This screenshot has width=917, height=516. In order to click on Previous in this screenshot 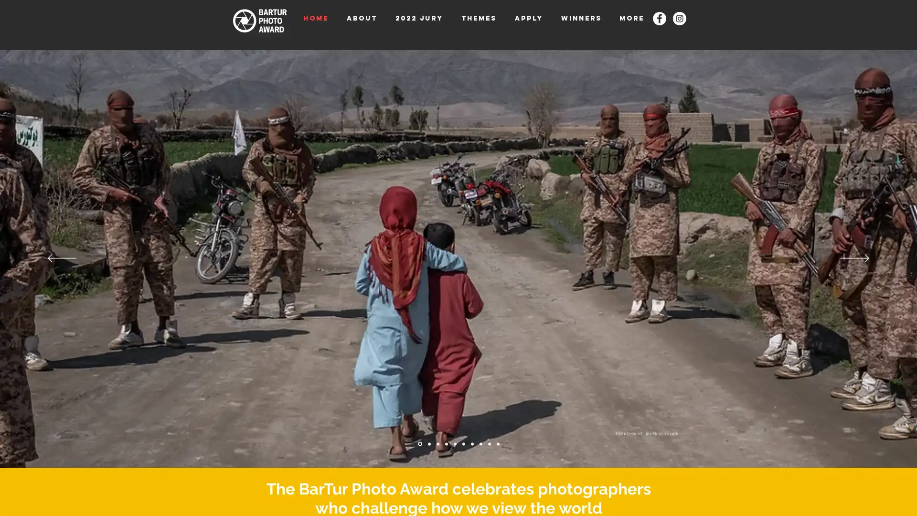, I will do `click(61, 258)`.